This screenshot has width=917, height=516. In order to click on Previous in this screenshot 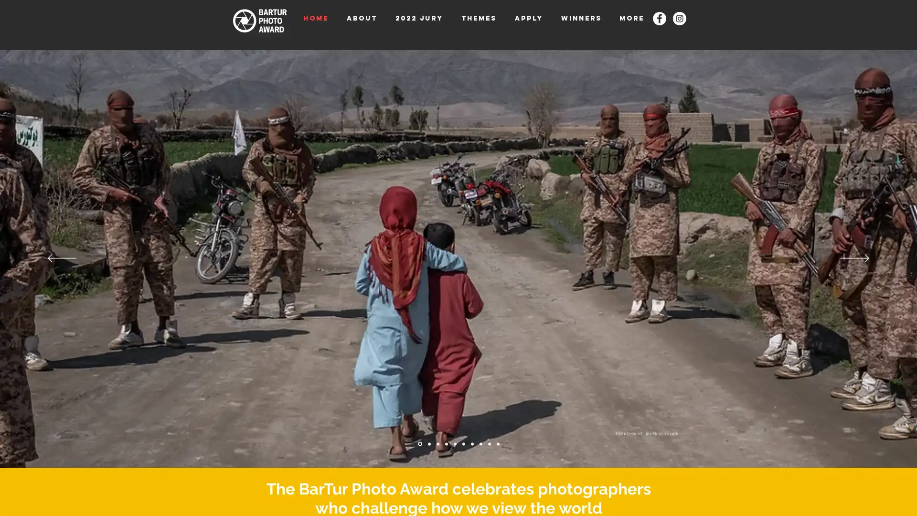, I will do `click(61, 258)`.